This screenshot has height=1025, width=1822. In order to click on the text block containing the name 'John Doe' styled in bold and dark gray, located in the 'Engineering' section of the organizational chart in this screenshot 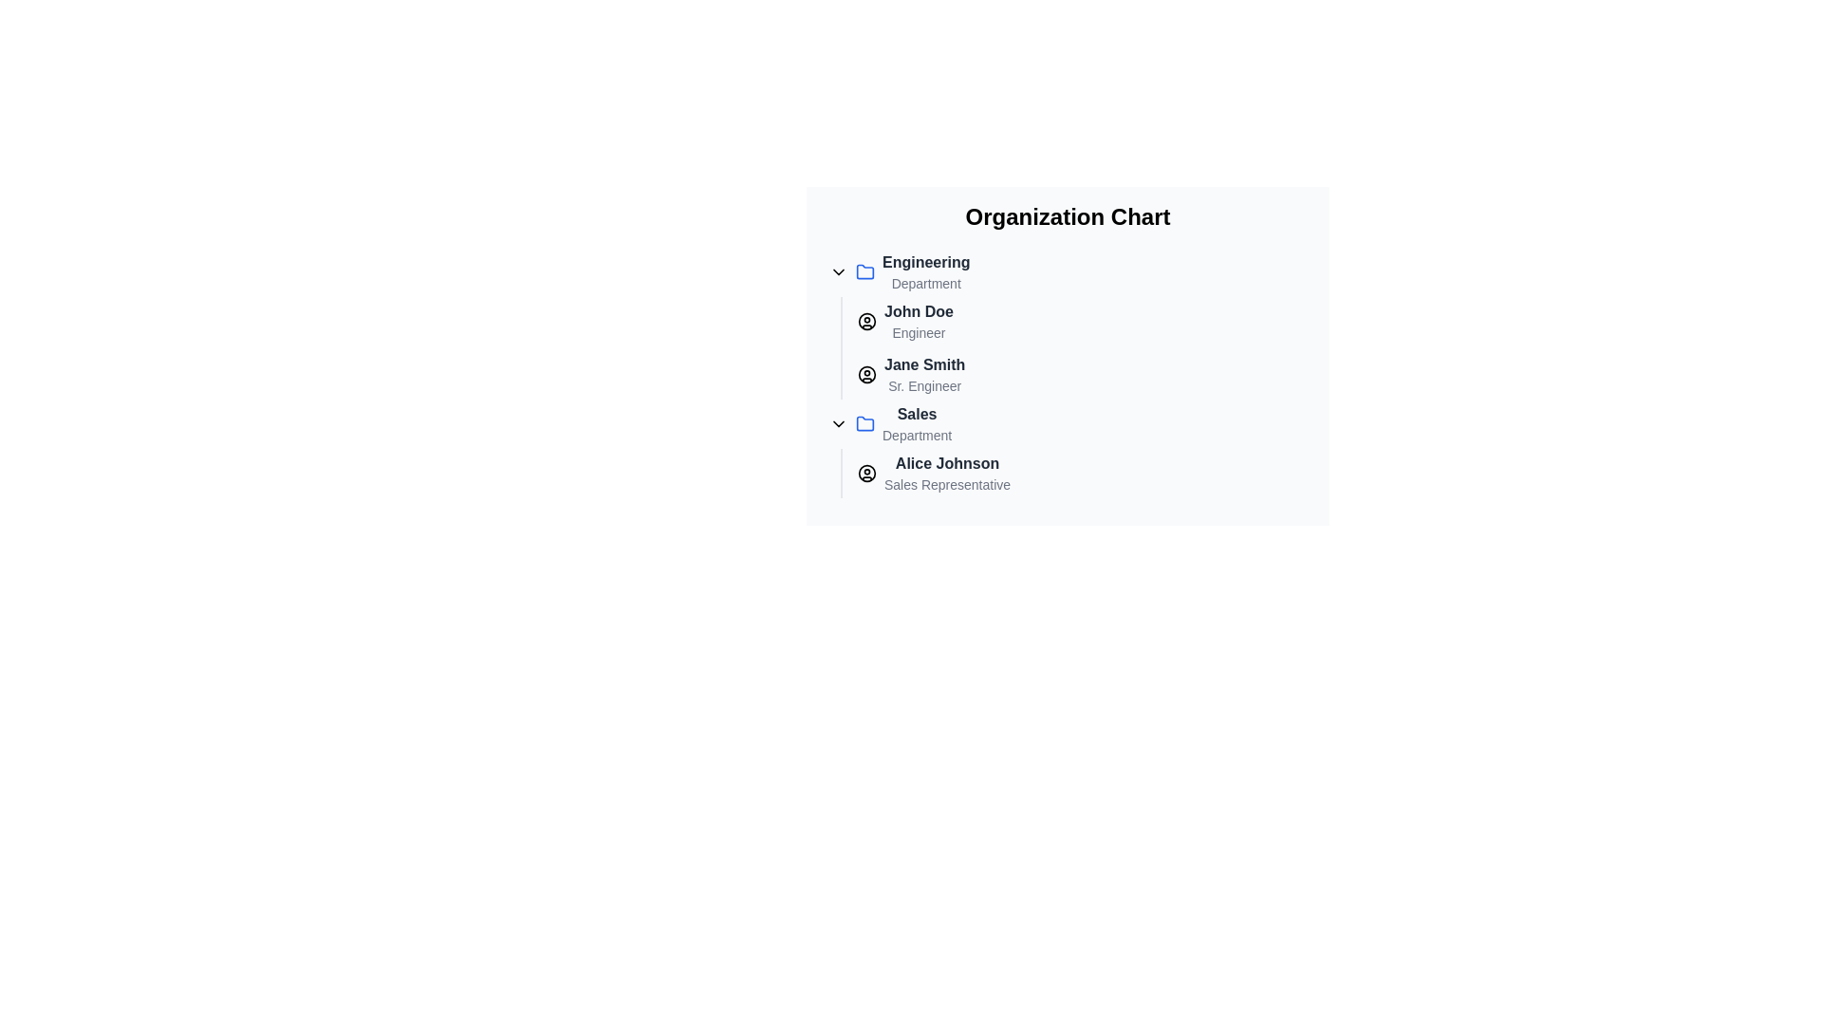, I will do `click(919, 321)`.